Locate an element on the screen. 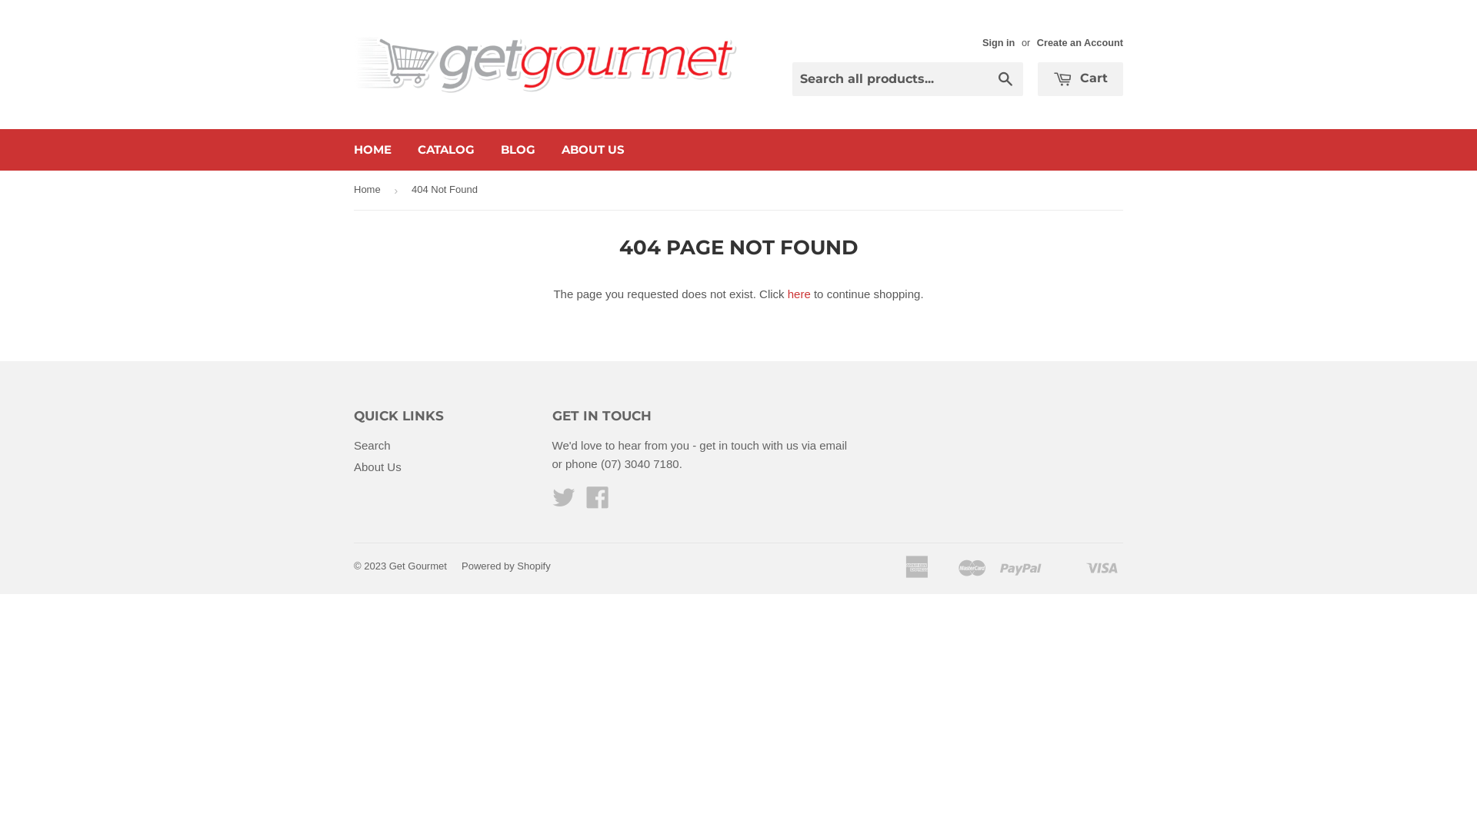 This screenshot has width=1477, height=830. 'HOME' is located at coordinates (372, 150).